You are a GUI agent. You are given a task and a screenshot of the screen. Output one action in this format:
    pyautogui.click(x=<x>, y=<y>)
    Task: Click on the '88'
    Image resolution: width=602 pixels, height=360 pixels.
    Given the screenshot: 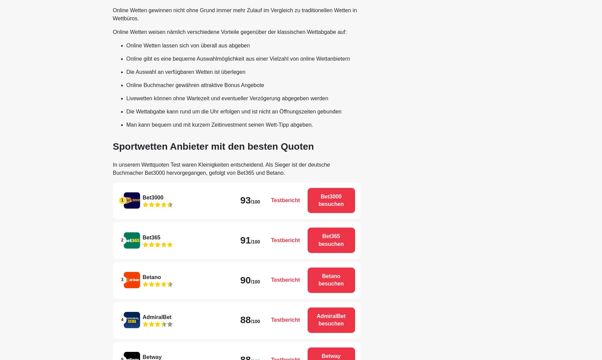 What is the action you would take?
    pyautogui.click(x=245, y=319)
    